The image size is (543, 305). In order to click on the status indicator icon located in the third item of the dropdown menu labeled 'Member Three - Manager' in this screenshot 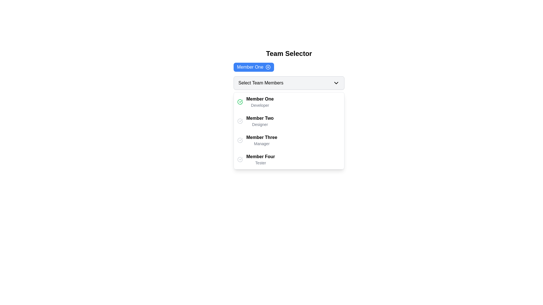, I will do `click(240, 140)`.